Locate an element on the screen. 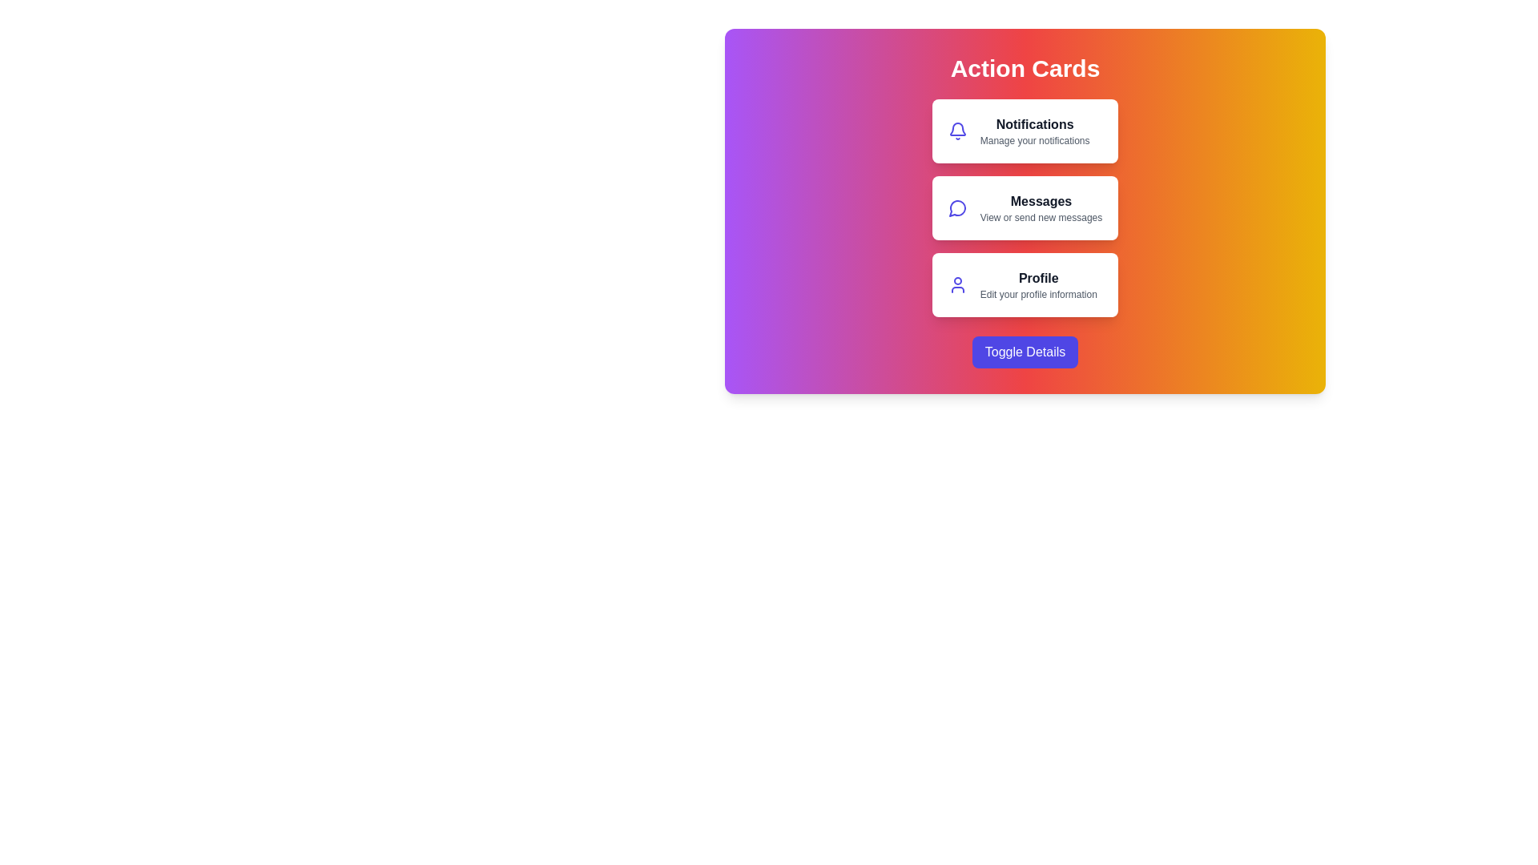  the label and description text combination that provides a summary for the notification management feature, located in the first card of a vertical list is located at coordinates (1035, 131).